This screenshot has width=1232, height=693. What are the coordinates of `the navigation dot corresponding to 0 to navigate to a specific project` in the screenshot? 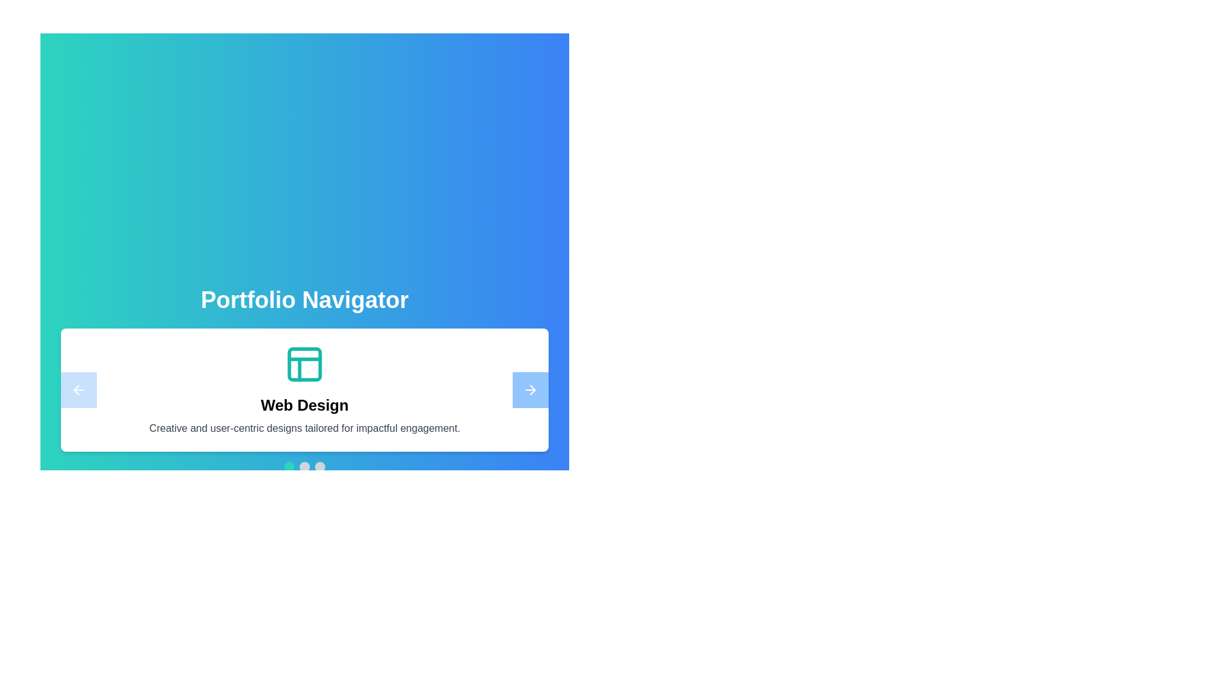 It's located at (289, 467).